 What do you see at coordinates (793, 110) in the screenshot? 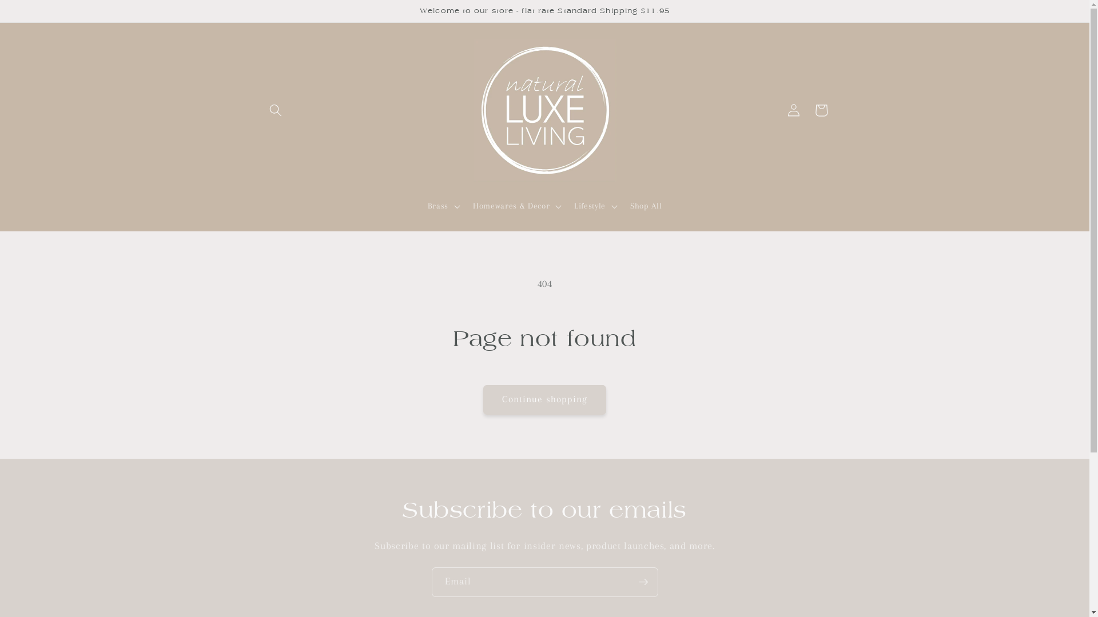
I see `'Log in'` at bounding box center [793, 110].